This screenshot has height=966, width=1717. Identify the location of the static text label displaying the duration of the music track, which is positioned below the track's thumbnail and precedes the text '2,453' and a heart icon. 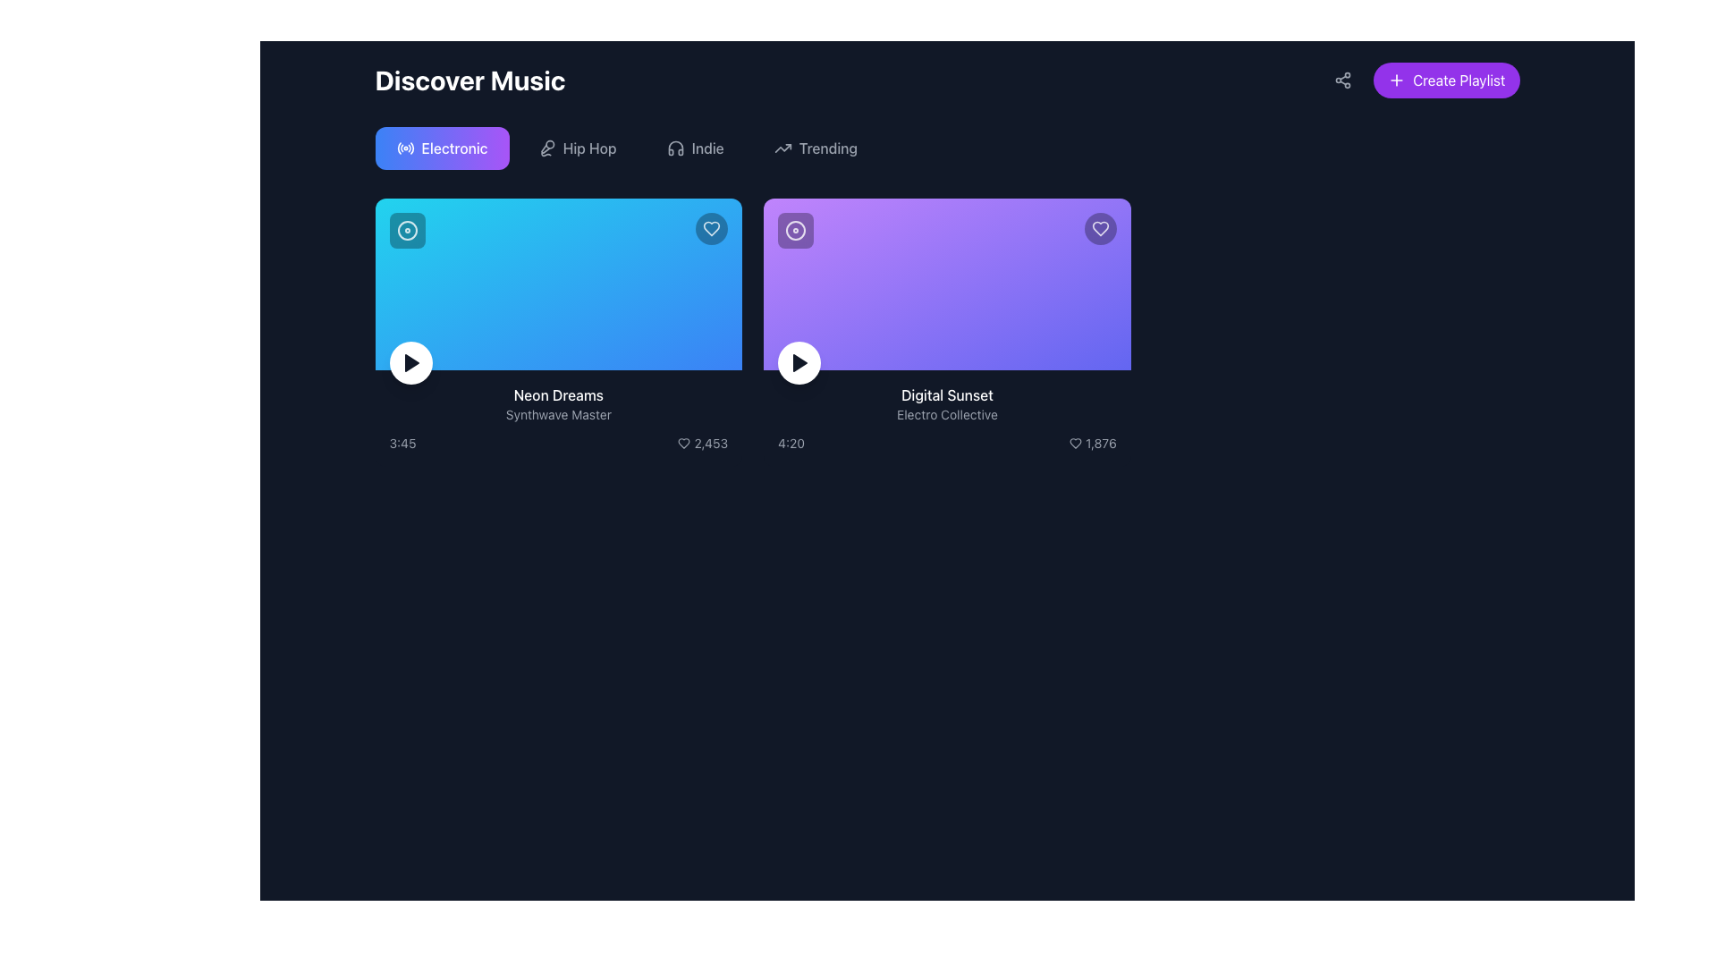
(402, 443).